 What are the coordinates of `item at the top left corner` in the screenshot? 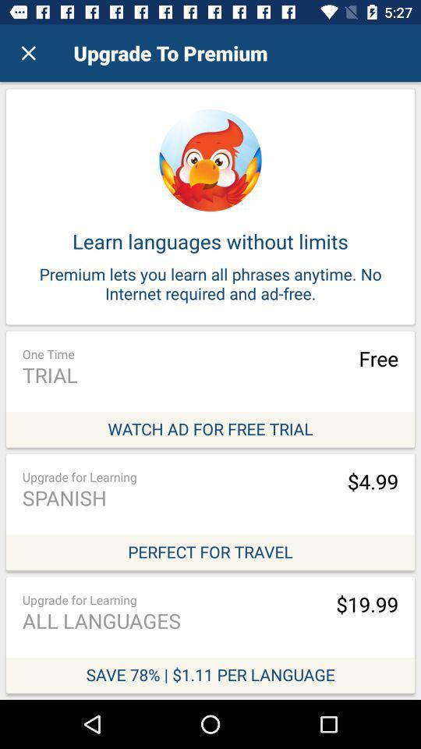 It's located at (28, 53).